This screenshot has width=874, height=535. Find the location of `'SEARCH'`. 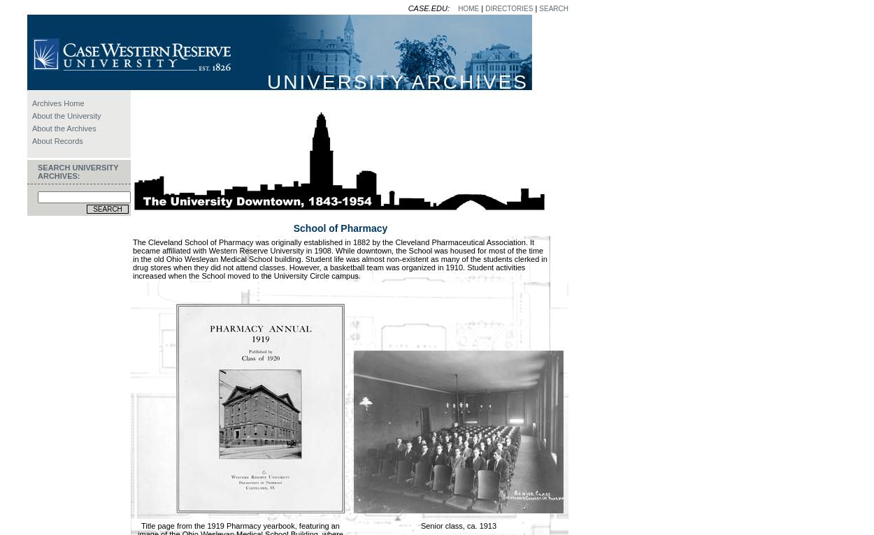

'SEARCH' is located at coordinates (554, 8).